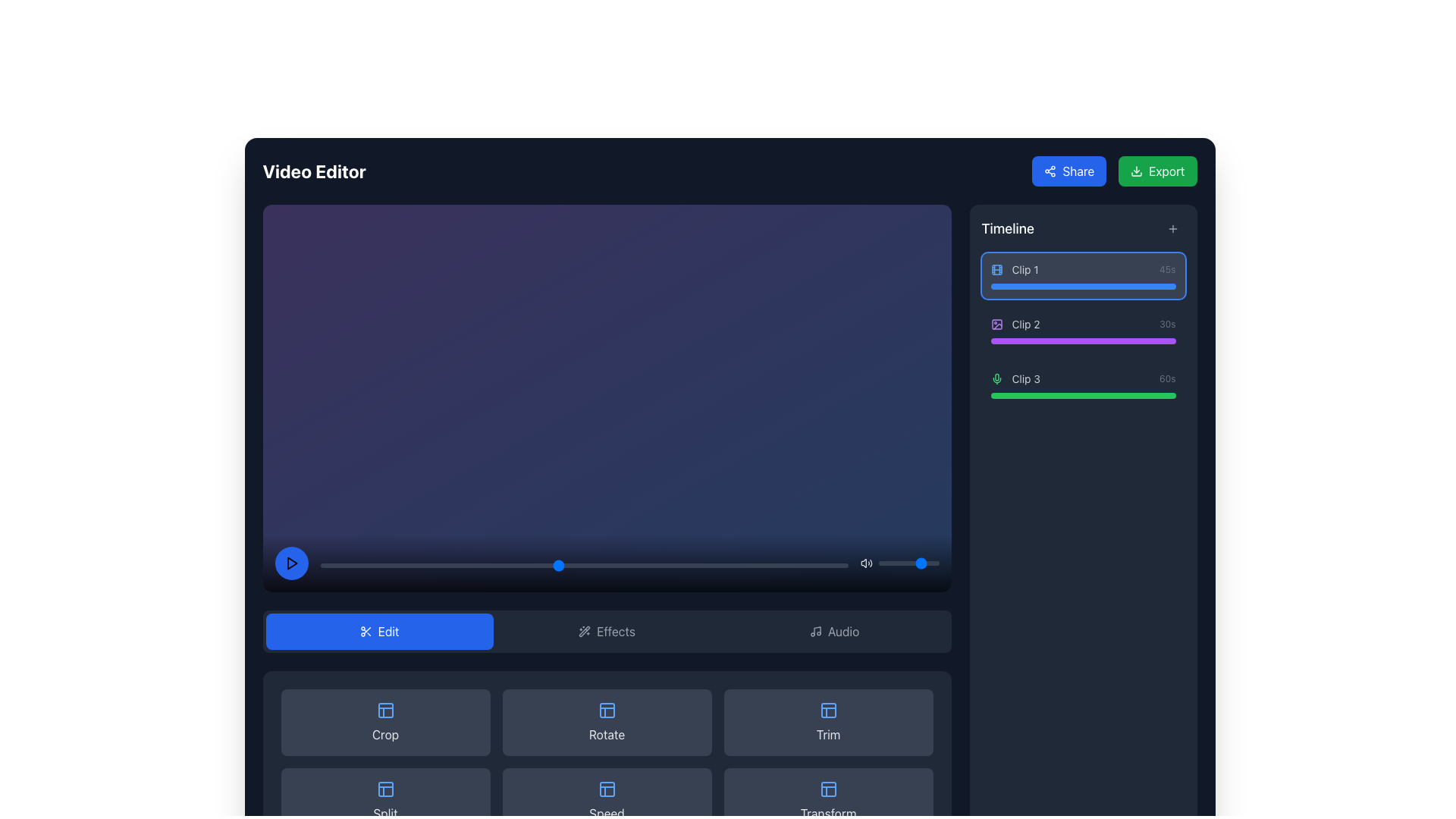  I want to click on the microphone icon outlined in green, located next to 'Clip 3' in the timeline area for informational purposes, so click(996, 378).